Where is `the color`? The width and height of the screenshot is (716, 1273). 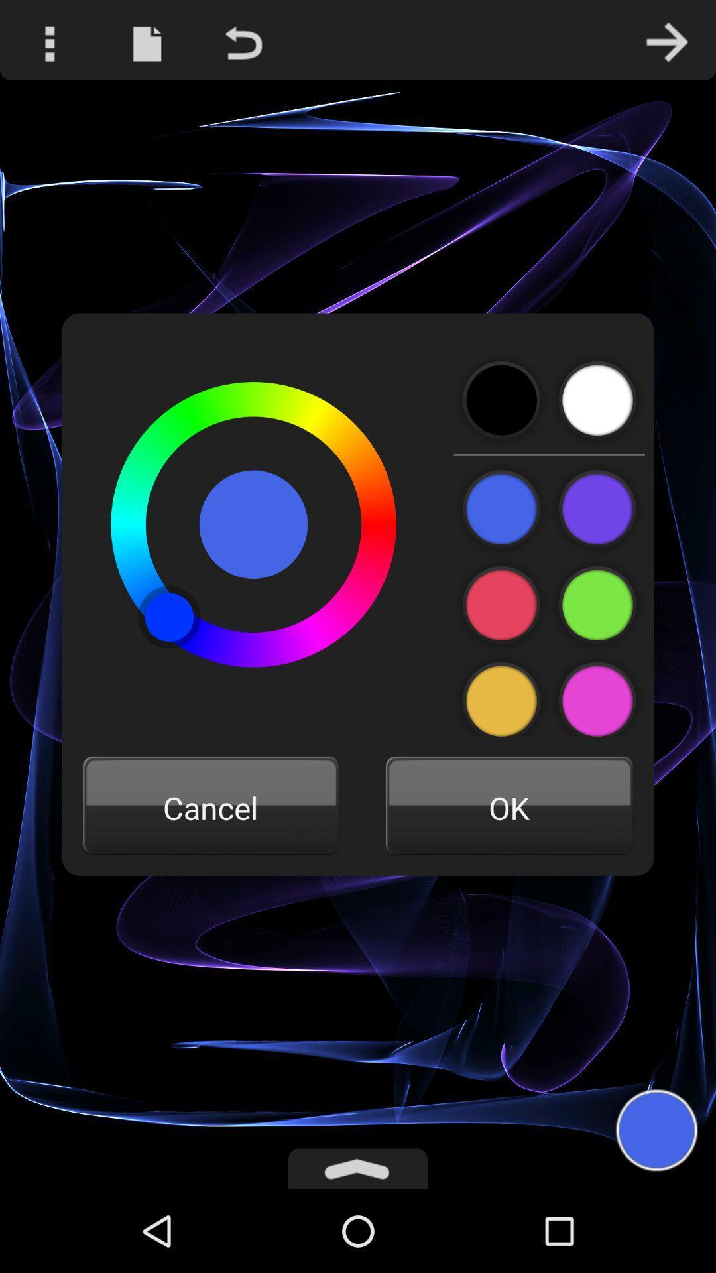 the color is located at coordinates (597, 605).